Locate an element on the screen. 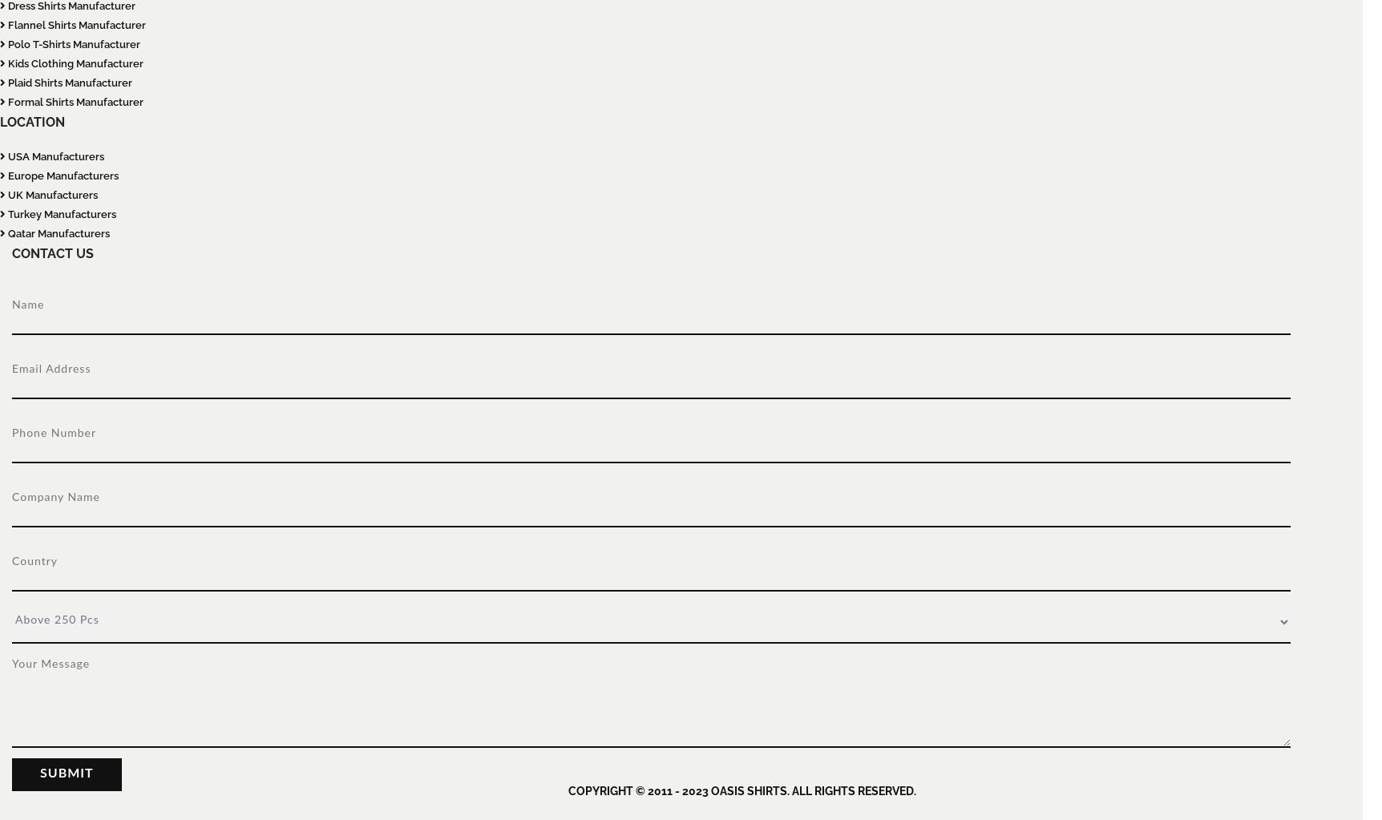 The width and height of the screenshot is (1382, 820). 'USA Manufacturers' is located at coordinates (55, 156).